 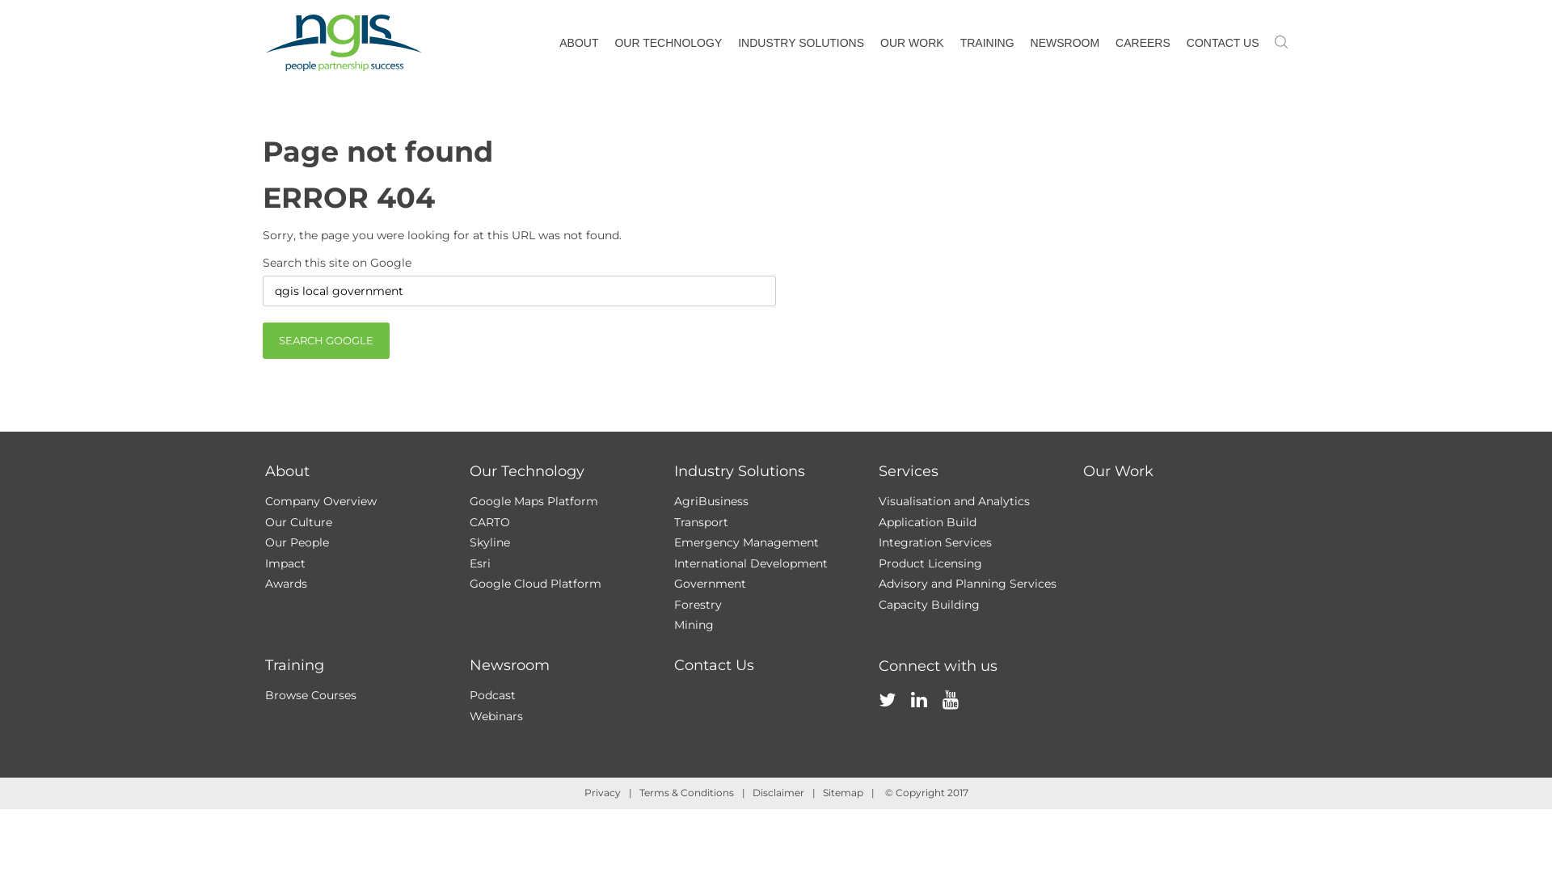 What do you see at coordinates (713, 664) in the screenshot?
I see `'Contact Us'` at bounding box center [713, 664].